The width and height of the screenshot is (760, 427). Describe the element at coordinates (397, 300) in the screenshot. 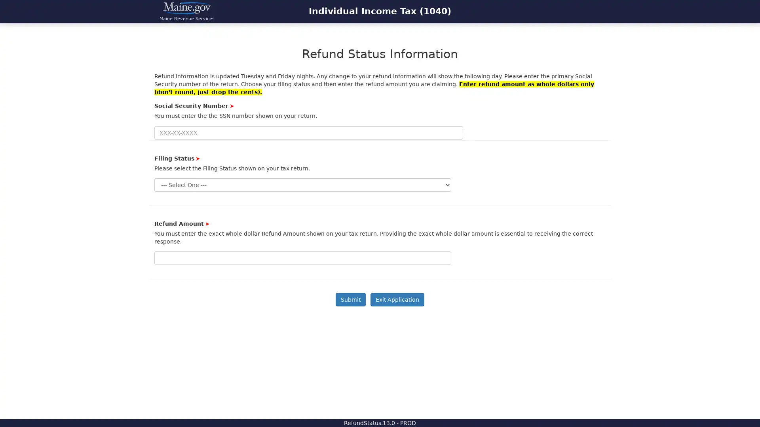

I see `Exit Application` at that location.